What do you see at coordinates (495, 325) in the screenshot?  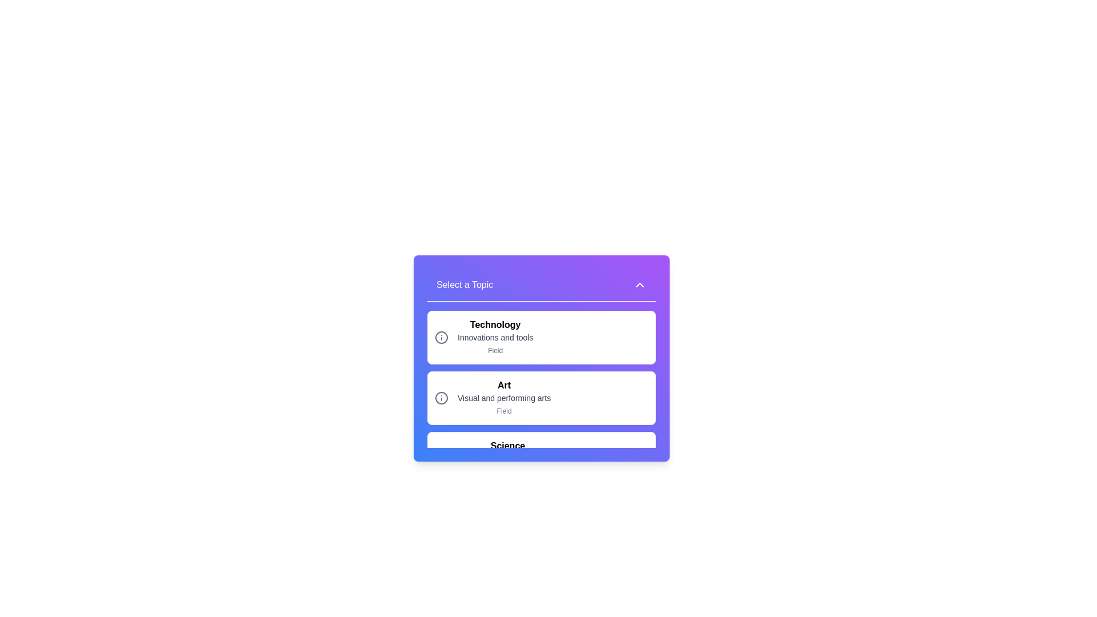 I see `the 'Technology' text label in the topic selection menu, which is displayed in bold black font and is the main label of the topmost entry` at bounding box center [495, 325].